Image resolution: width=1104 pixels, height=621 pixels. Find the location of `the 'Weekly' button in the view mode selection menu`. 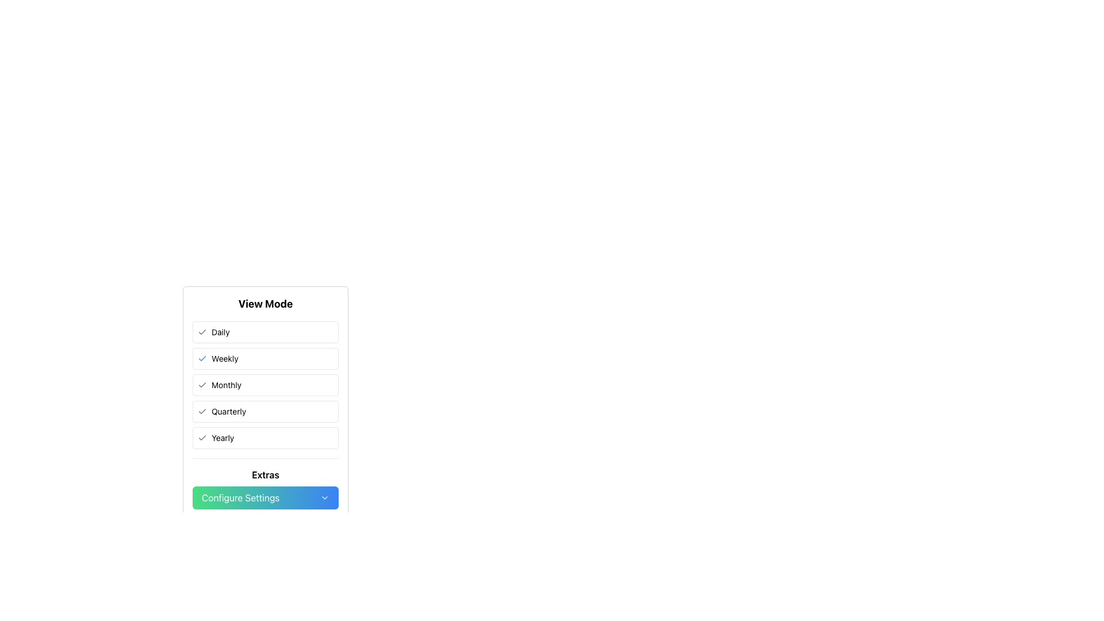

the 'Weekly' button in the view mode selection menu is located at coordinates (264, 358).